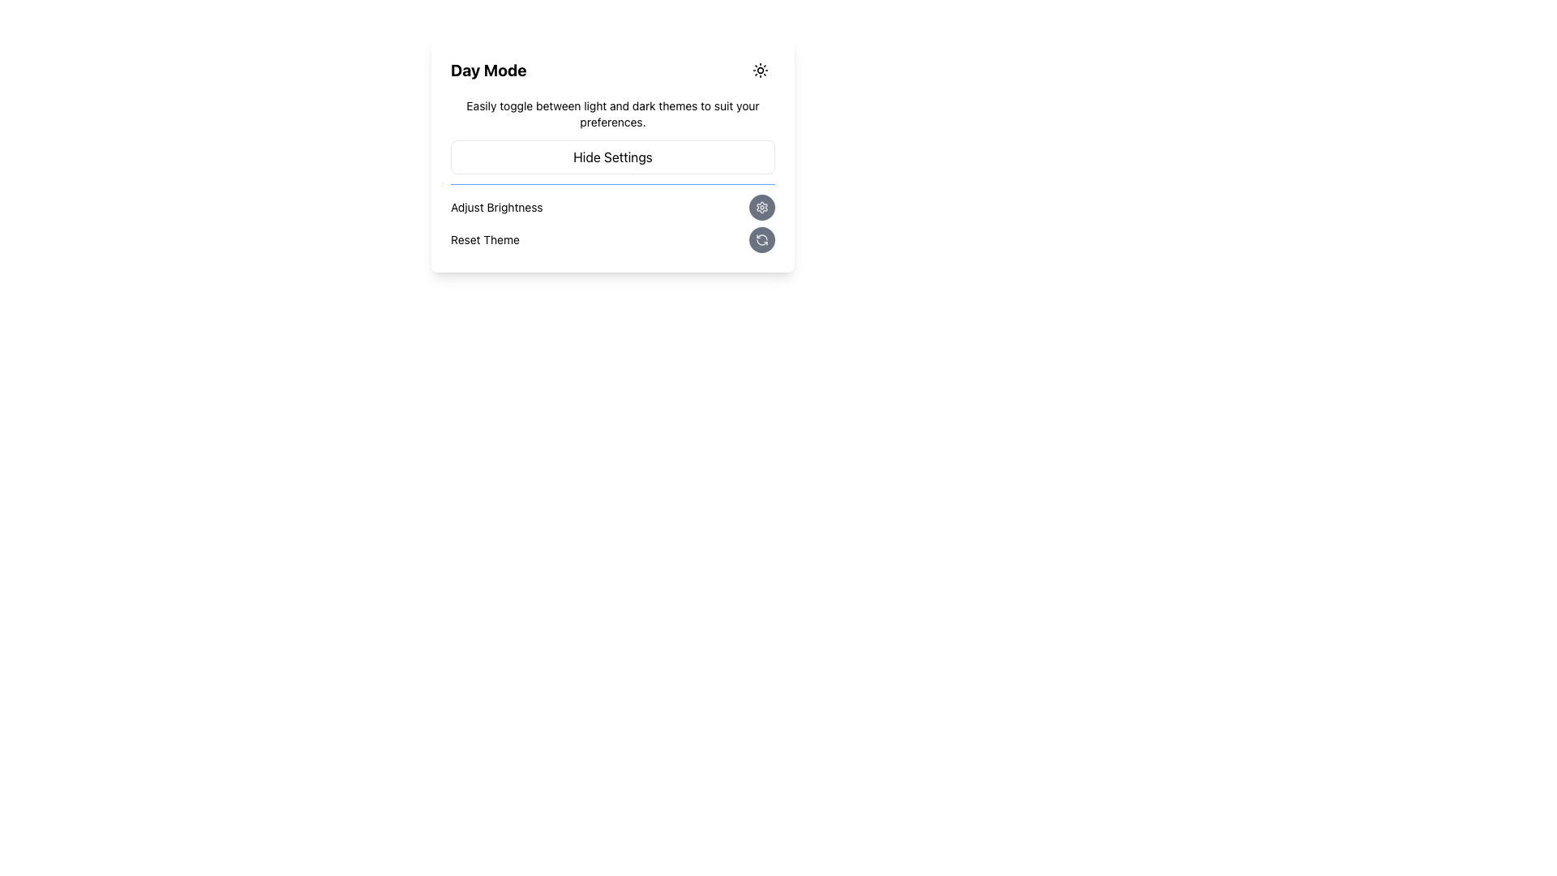 This screenshot has width=1557, height=876. I want to click on the circular button with a gear icon at its center, located to the right of the 'Adjust Brightness' text, so click(761, 206).